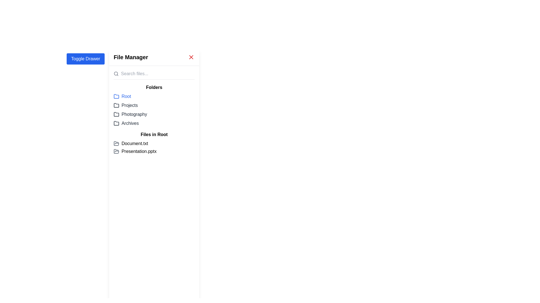 The image size is (540, 303). What do you see at coordinates (116, 73) in the screenshot?
I see `the central circular portion of the search icon represented by a vector graphic element within the SVG structure located in the header area of the interface` at bounding box center [116, 73].